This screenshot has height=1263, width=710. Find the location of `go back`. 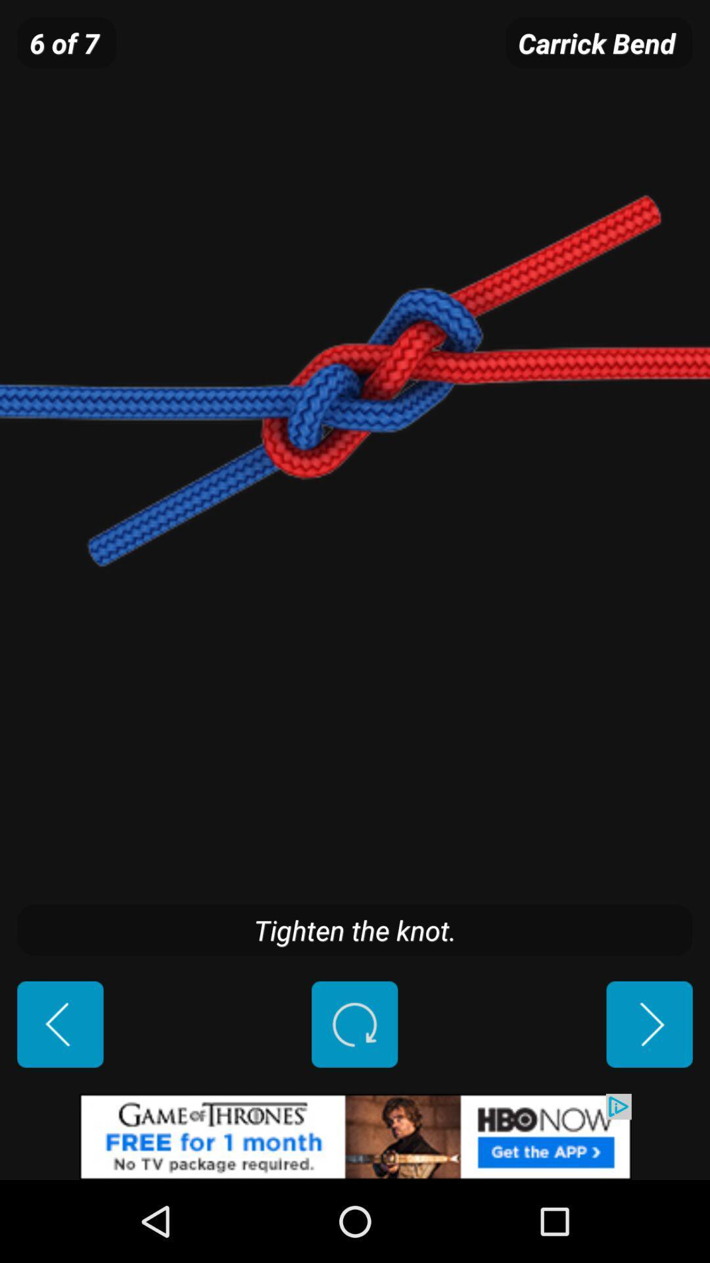

go back is located at coordinates (60, 1024).